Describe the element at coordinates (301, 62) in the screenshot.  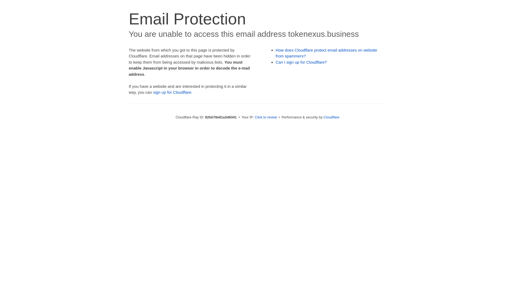
I see `'Can I sign up for Cloudflare?'` at that location.